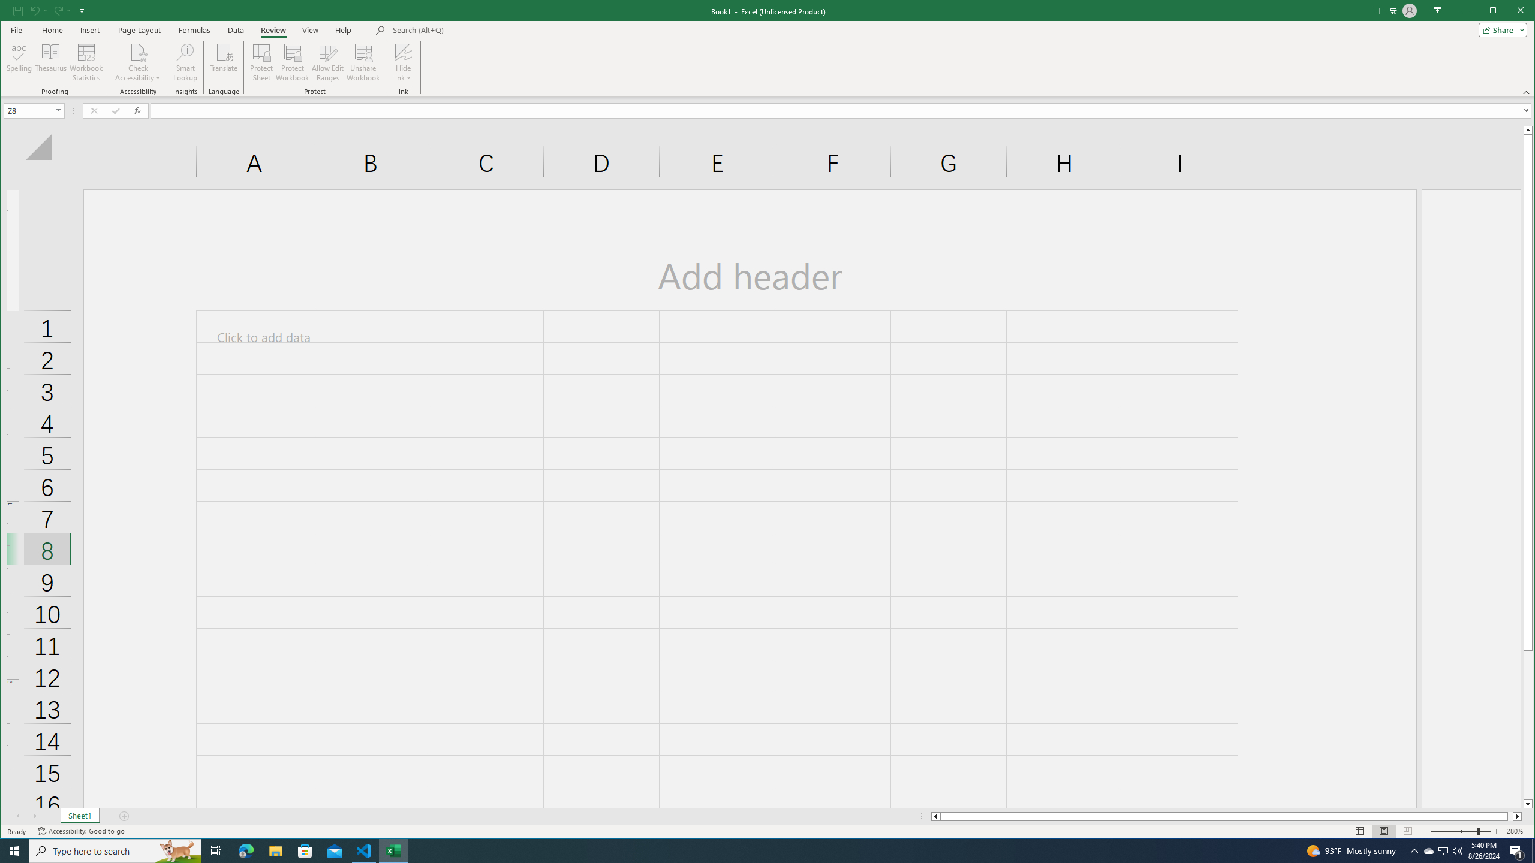  What do you see at coordinates (291, 62) in the screenshot?
I see `'Protect Workbook...'` at bounding box center [291, 62].